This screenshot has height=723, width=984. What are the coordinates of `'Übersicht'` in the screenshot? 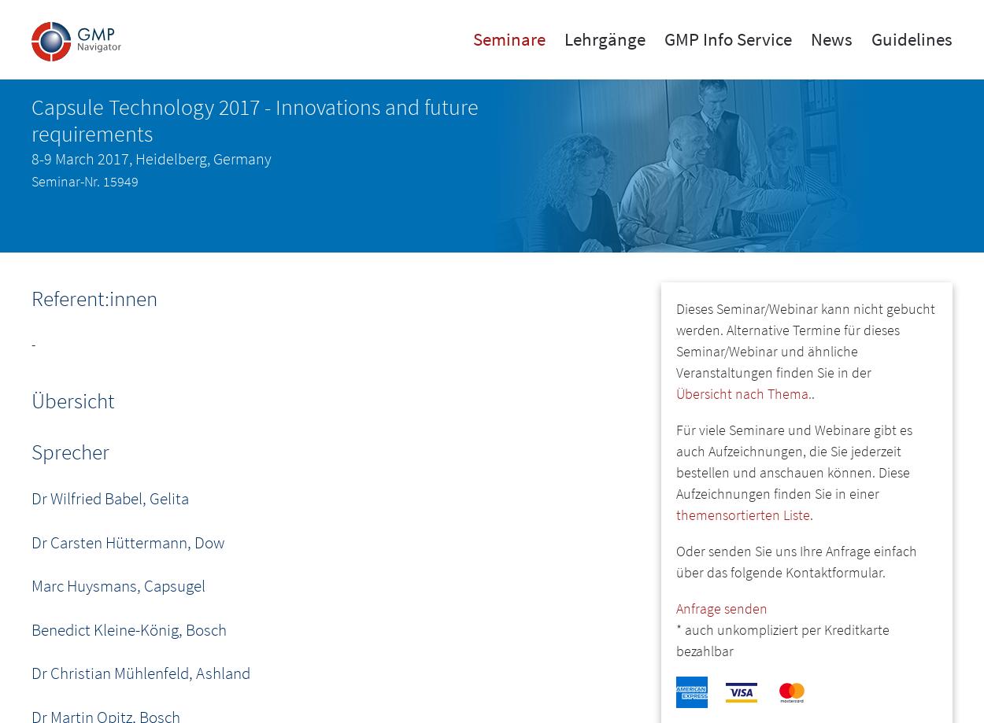 It's located at (72, 400).